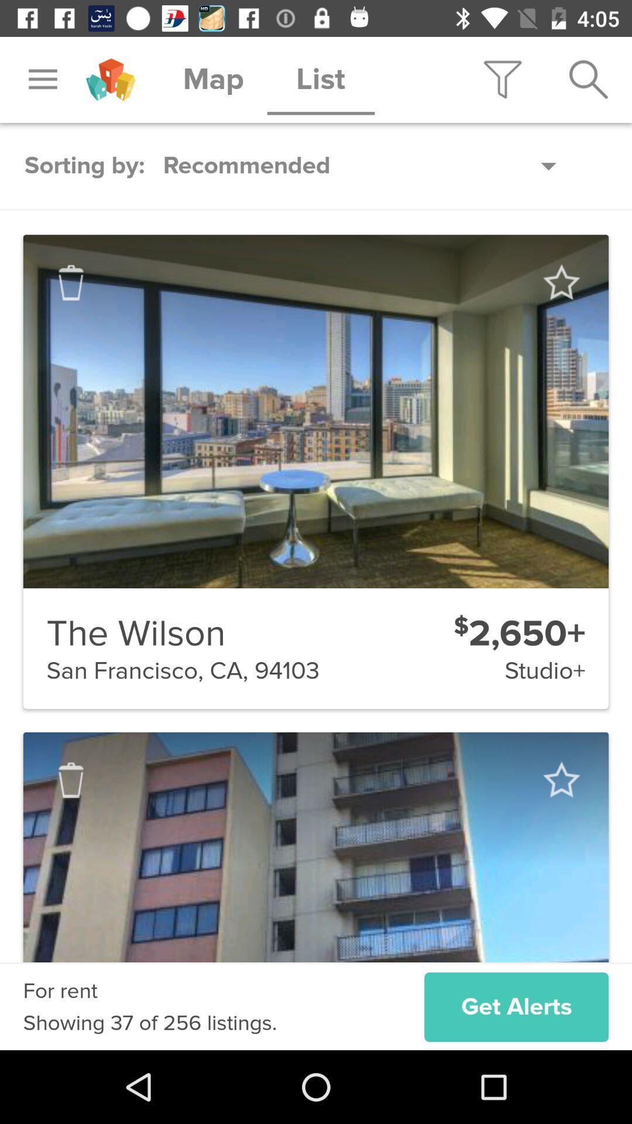 The height and width of the screenshot is (1124, 632). What do you see at coordinates (71, 780) in the screenshot?
I see `delete item` at bounding box center [71, 780].